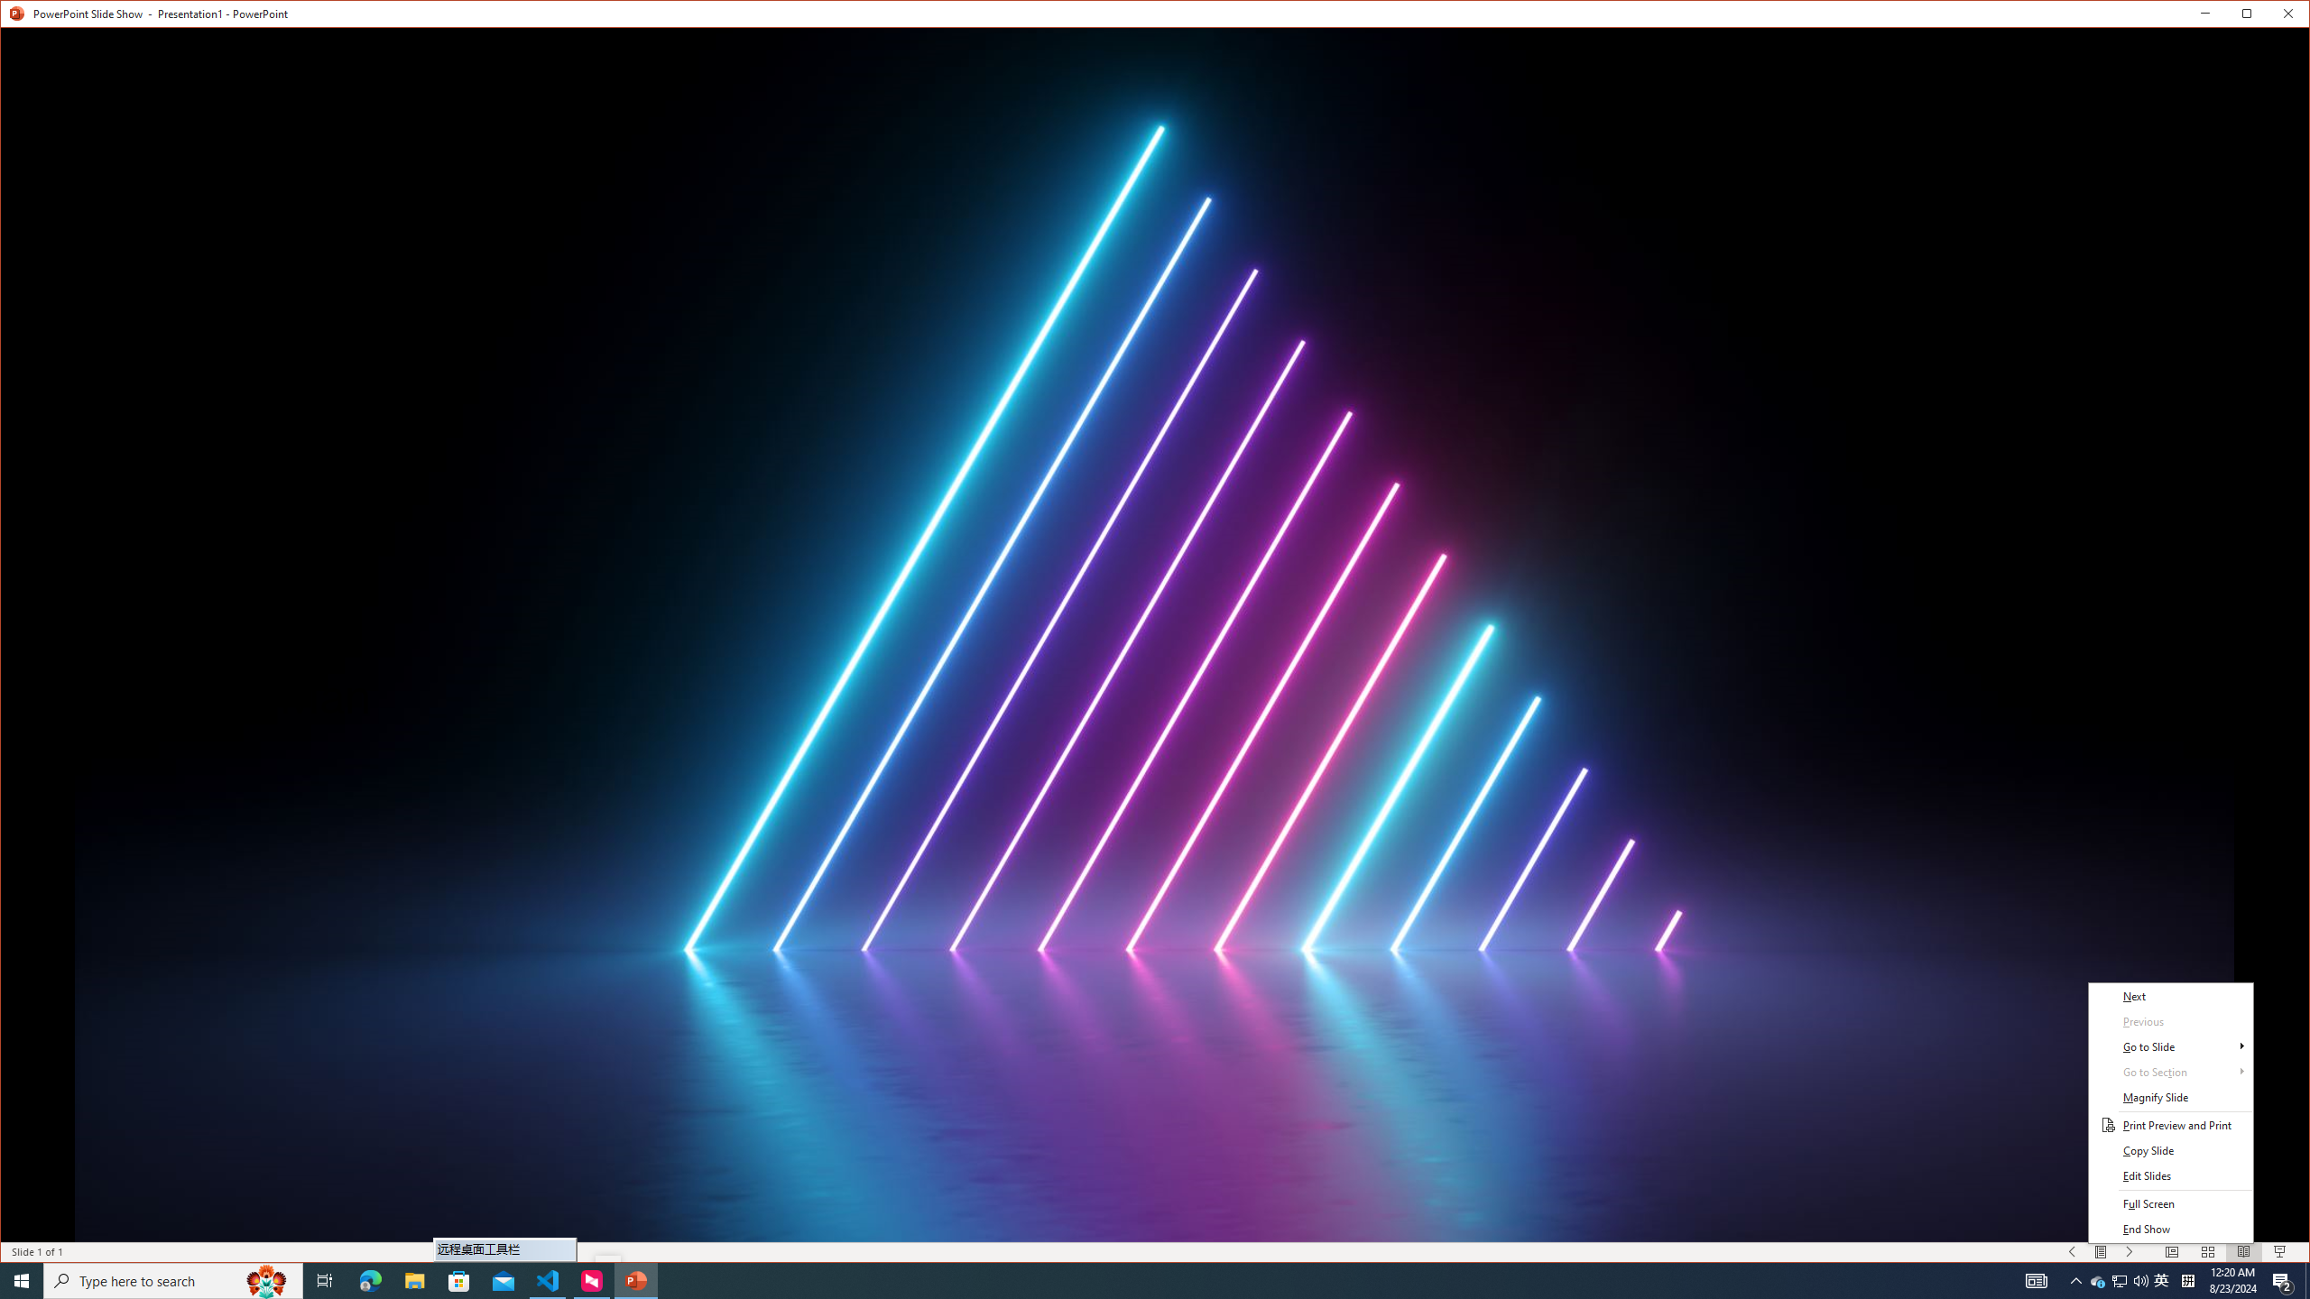 The width and height of the screenshot is (2310, 1299). What do you see at coordinates (2170, 1112) in the screenshot?
I see `'Context Menu'` at bounding box center [2170, 1112].